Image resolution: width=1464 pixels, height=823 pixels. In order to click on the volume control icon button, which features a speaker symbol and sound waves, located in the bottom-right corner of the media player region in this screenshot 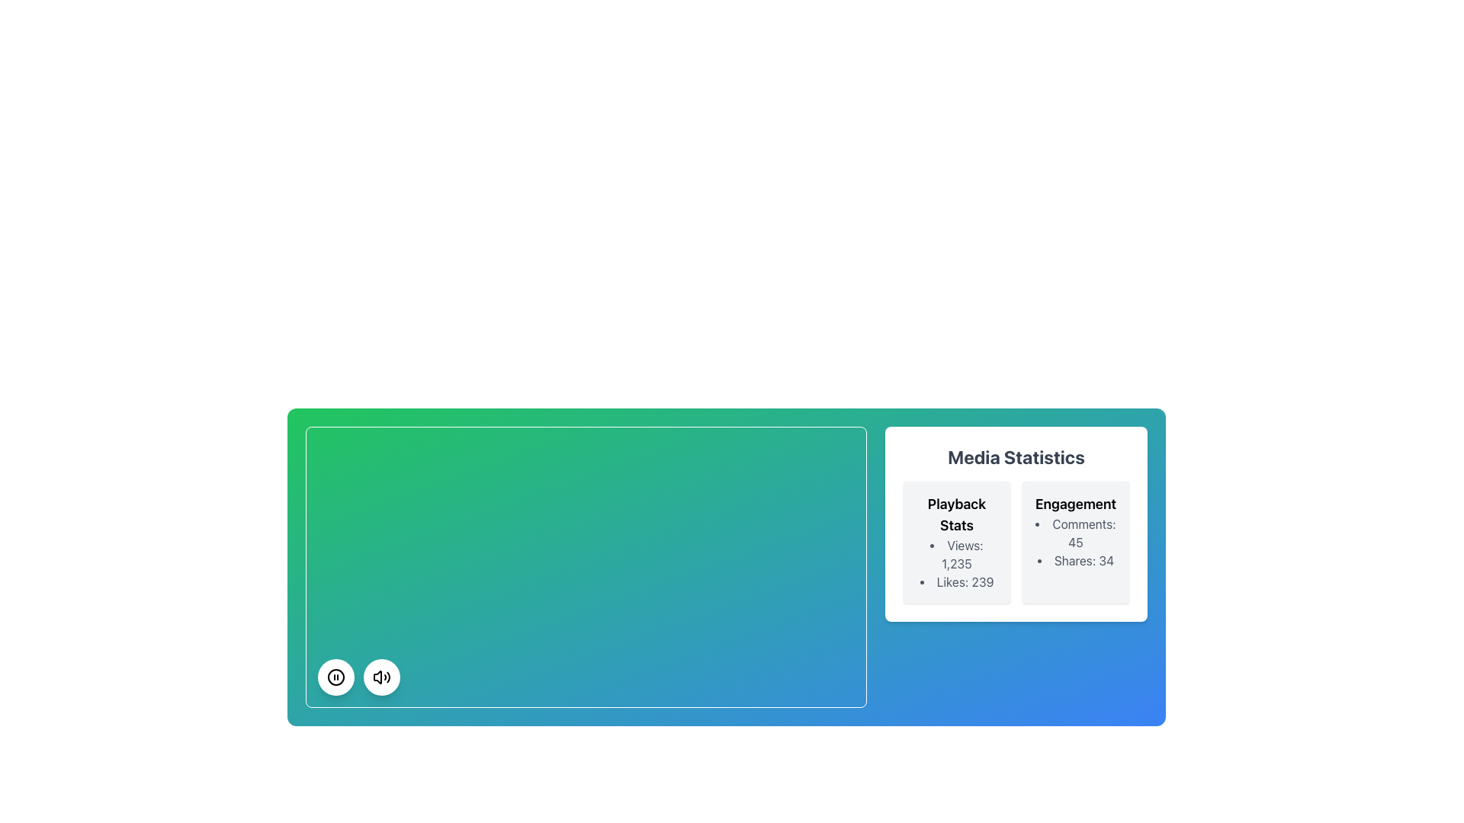, I will do `click(381, 676)`.